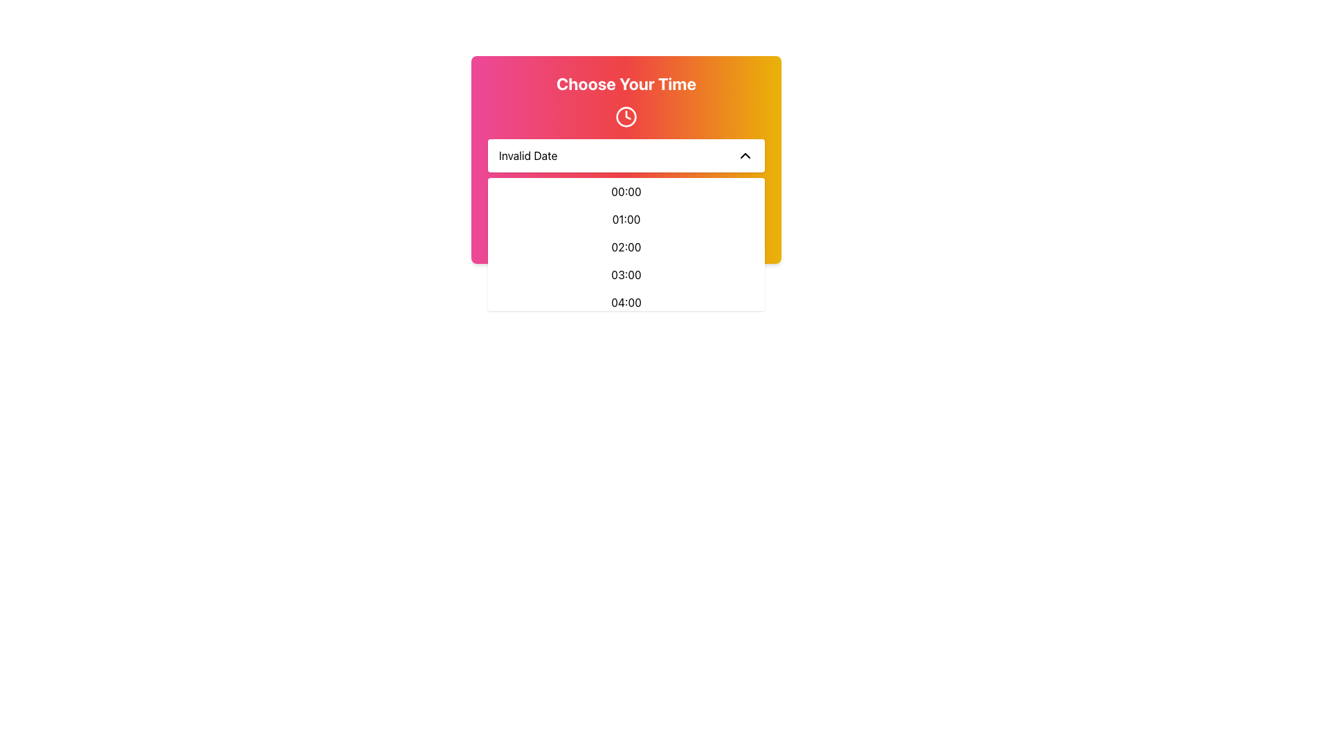 The image size is (1329, 748). What do you see at coordinates (626, 218) in the screenshot?
I see `the text label displaying '01:00' in the dropdown menu` at bounding box center [626, 218].